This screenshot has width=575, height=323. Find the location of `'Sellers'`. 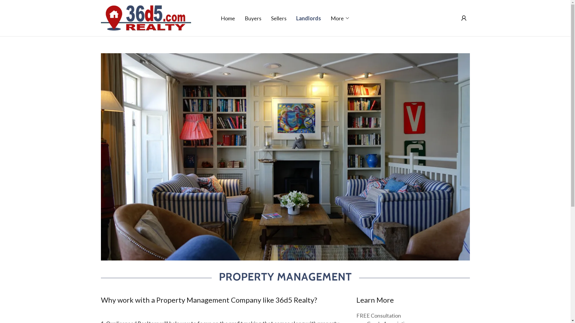

'Sellers' is located at coordinates (269, 18).